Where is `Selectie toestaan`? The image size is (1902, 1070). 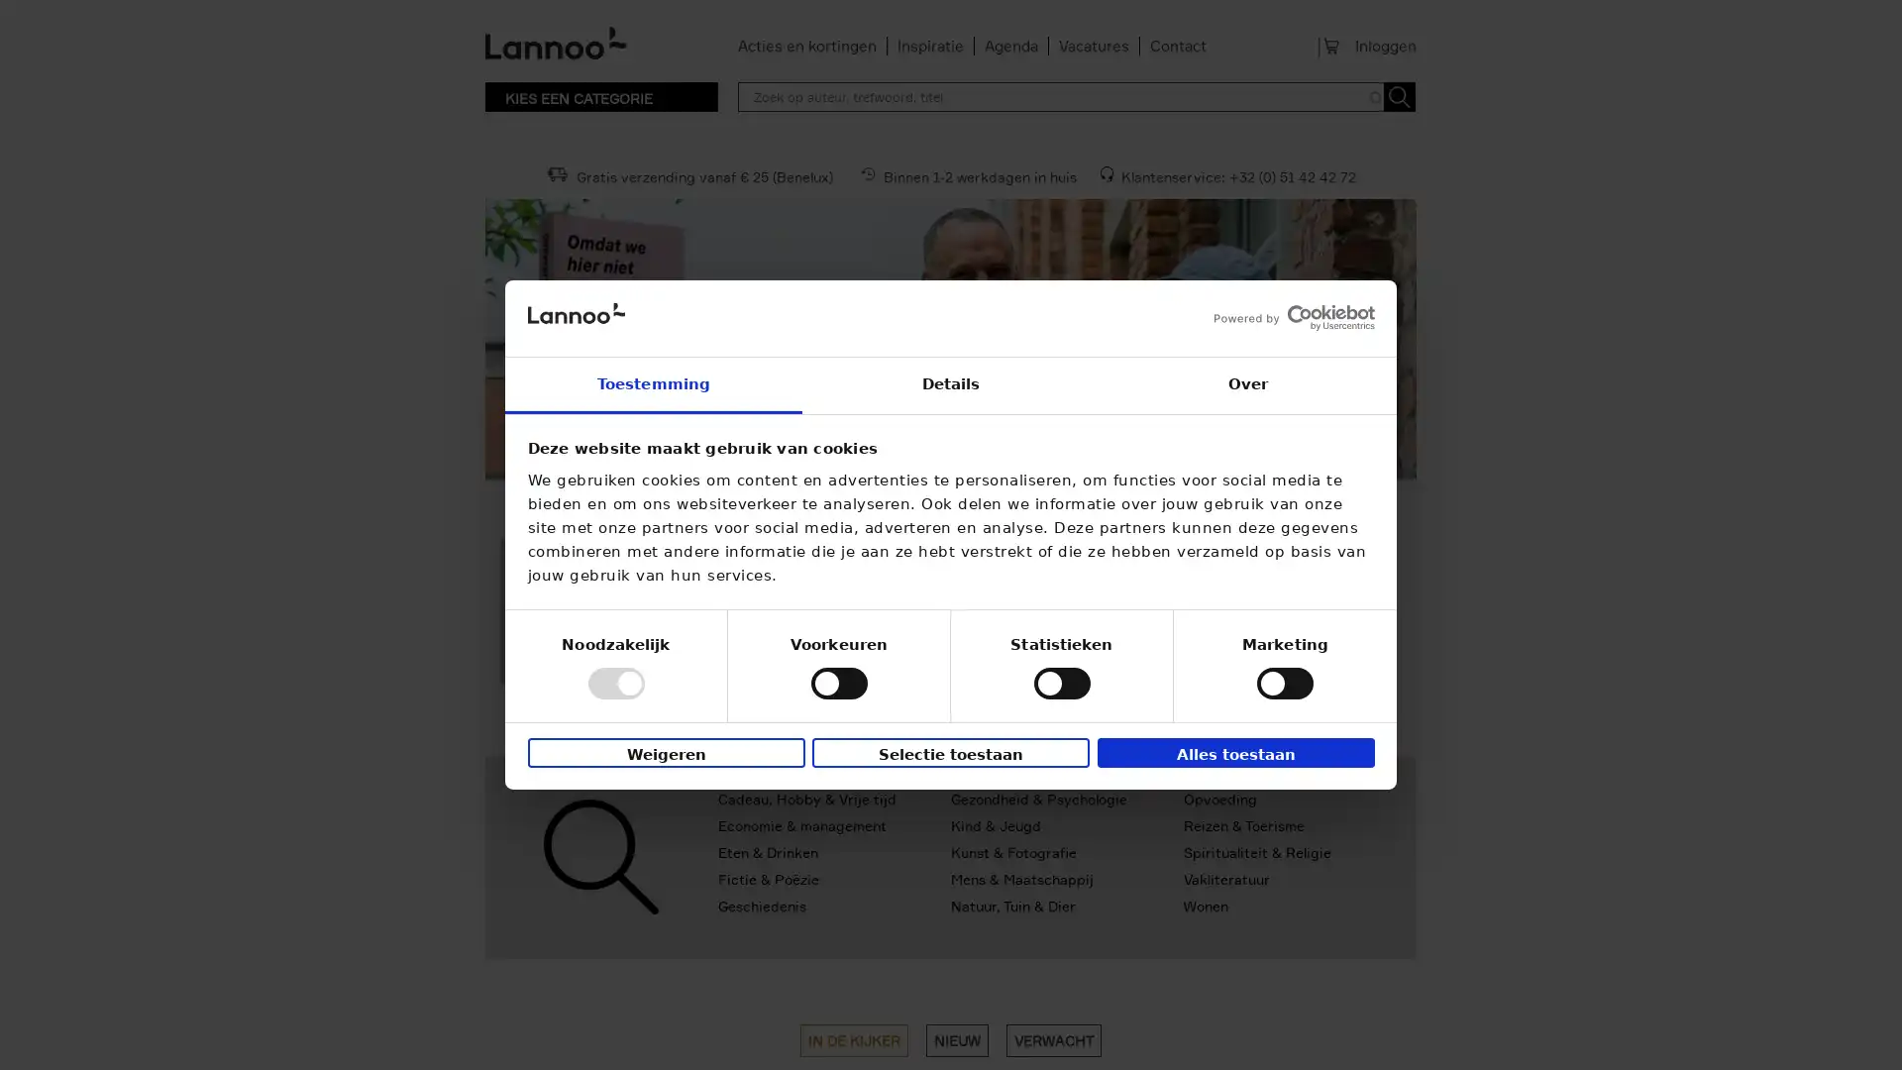
Selectie toestaan is located at coordinates (951, 752).